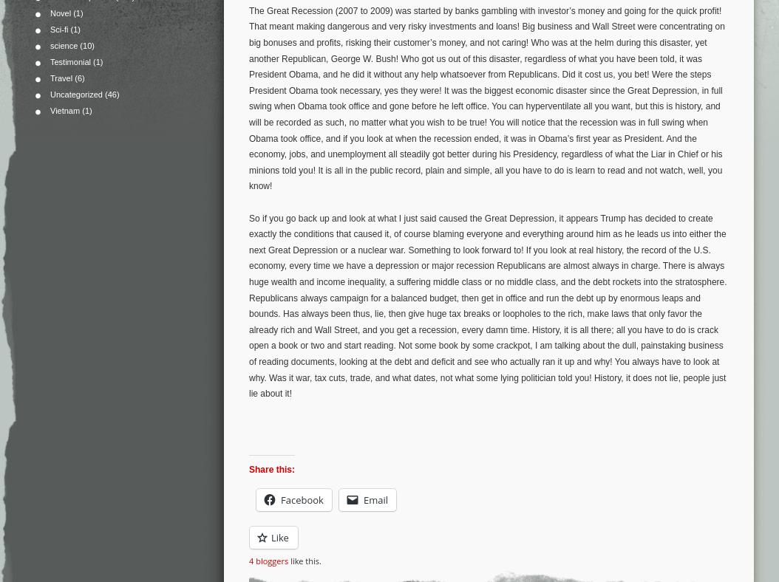 The height and width of the screenshot is (582, 779). Describe the element at coordinates (301, 499) in the screenshot. I see `'Facebook'` at that location.